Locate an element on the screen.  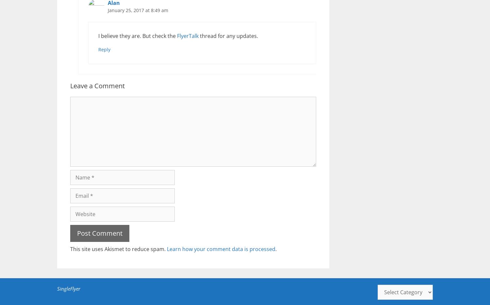
'Reply' is located at coordinates (98, 49).